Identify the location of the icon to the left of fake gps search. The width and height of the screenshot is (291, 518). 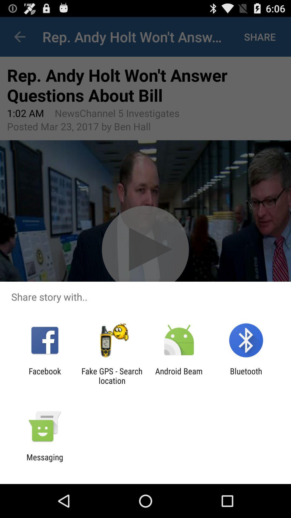
(44, 376).